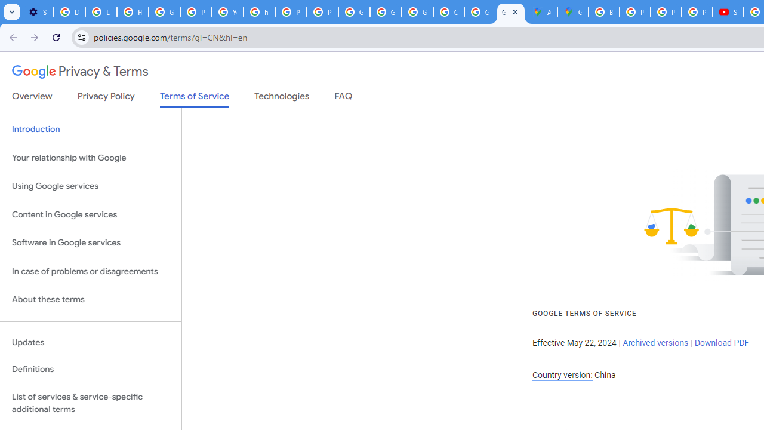 This screenshot has width=764, height=430. Describe the element at coordinates (90, 403) in the screenshot. I see `'List of services & service-specific additional terms'` at that location.